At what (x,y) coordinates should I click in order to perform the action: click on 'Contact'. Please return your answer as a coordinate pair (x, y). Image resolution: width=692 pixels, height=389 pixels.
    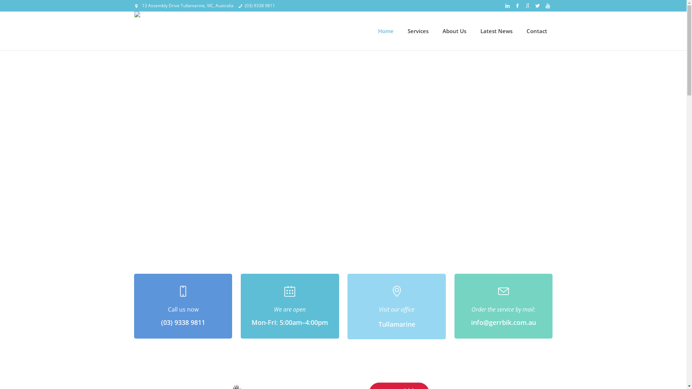
    Looking at the image, I should click on (537, 30).